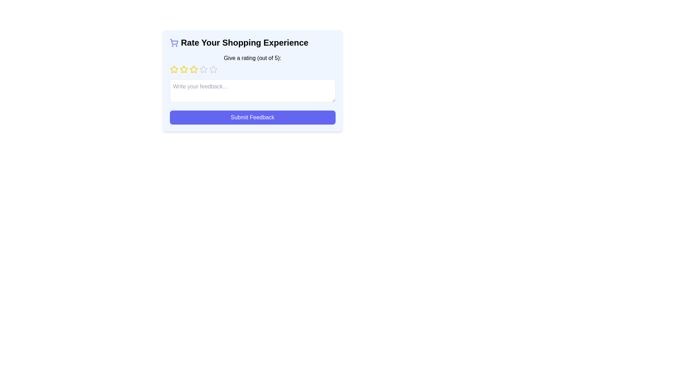 The height and width of the screenshot is (379, 674). Describe the element at coordinates (174, 42) in the screenshot. I see `the shopping cart basket area graphic, which is part of the larger shopping cart icon in the upper left section of the 'Rate Your Shopping Experience' card interface` at that location.